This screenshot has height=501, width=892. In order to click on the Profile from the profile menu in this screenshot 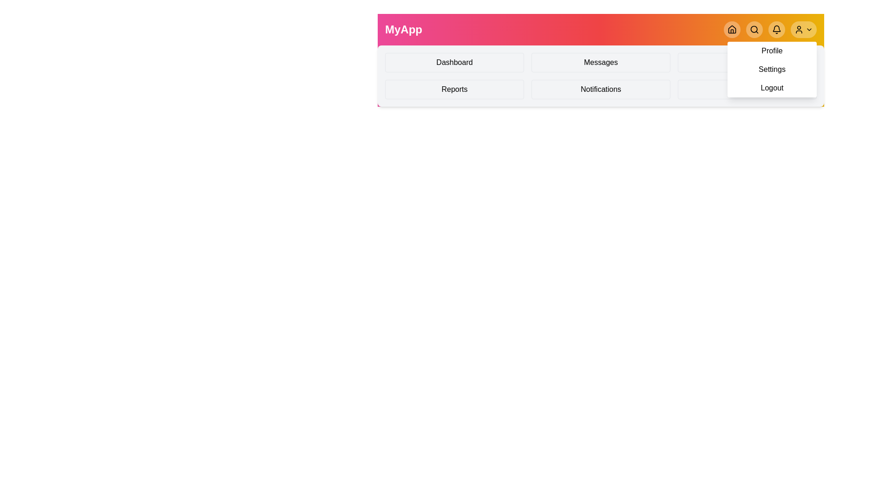, I will do `click(772, 51)`.